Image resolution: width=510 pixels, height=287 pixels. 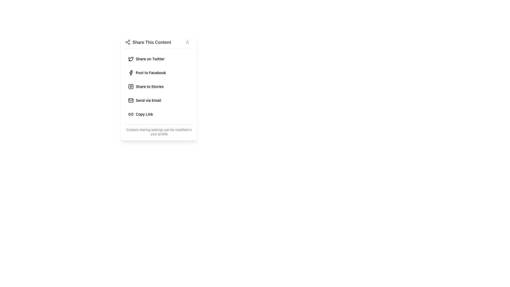 I want to click on the Facebook sharing icon, which is the second element in the vertical list of sharing options, located below the Twitter option and above the Stories option, so click(x=131, y=73).